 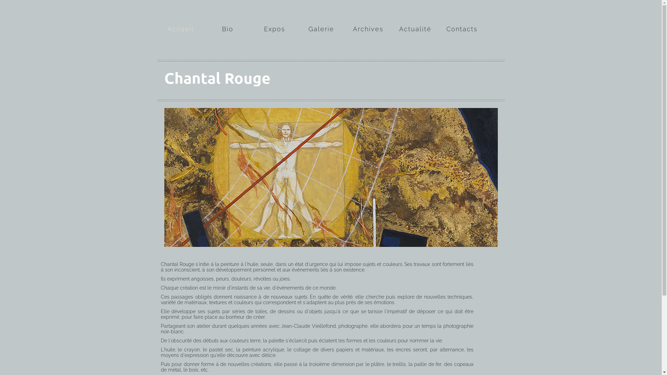 What do you see at coordinates (462, 19) in the screenshot?
I see `'Contacts'` at bounding box center [462, 19].